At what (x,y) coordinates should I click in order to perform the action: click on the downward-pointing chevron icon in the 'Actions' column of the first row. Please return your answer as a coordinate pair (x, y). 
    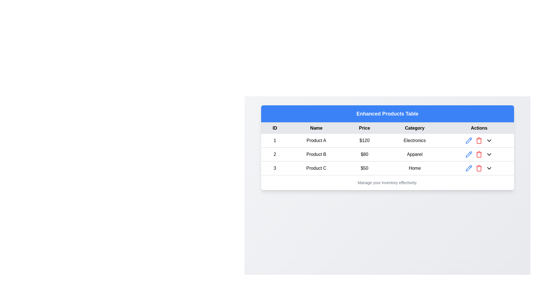
    Looking at the image, I should click on (489, 140).